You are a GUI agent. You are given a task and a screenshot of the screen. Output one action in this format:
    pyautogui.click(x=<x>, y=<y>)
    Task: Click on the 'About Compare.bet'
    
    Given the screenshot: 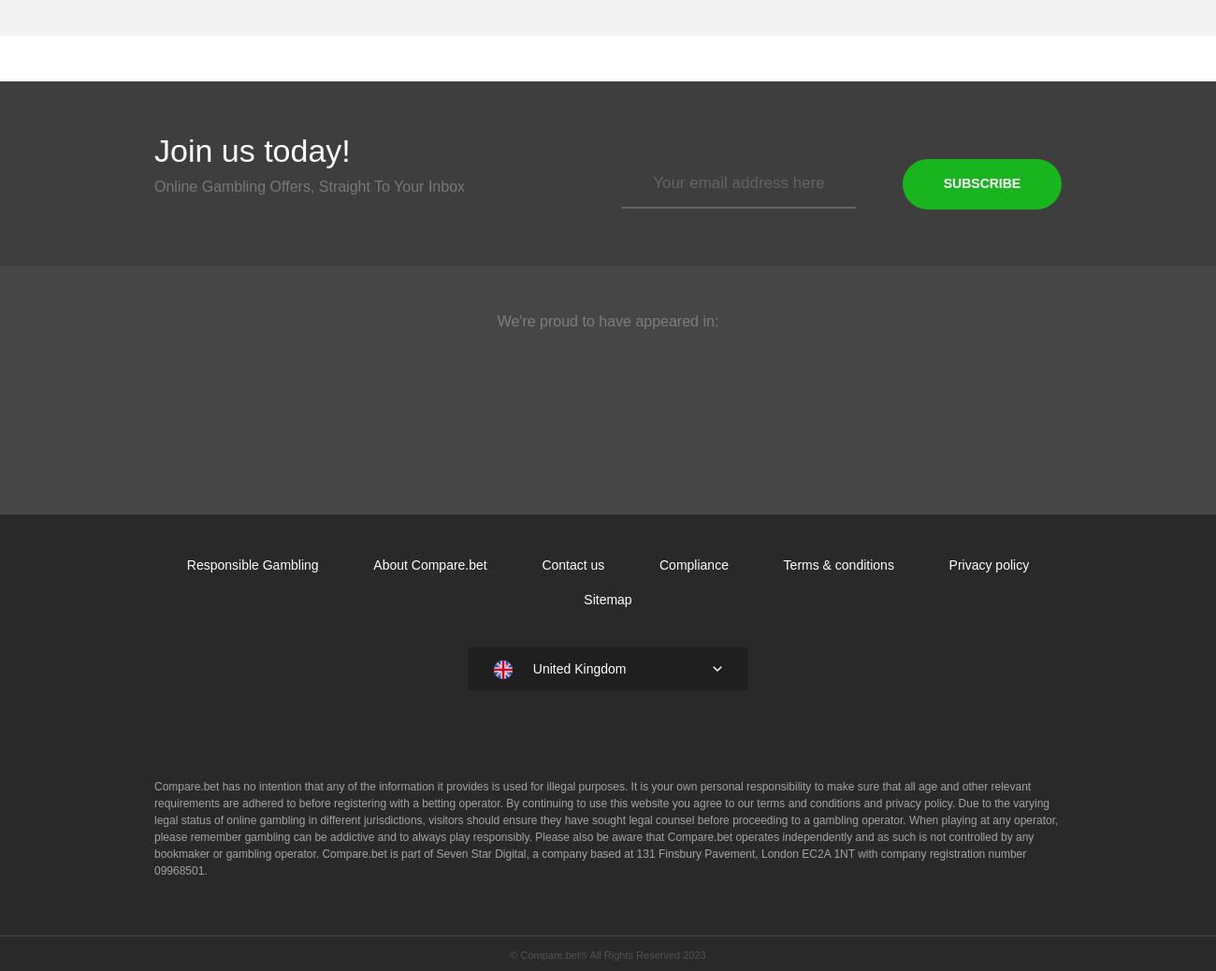 What is the action you would take?
    pyautogui.click(x=428, y=564)
    